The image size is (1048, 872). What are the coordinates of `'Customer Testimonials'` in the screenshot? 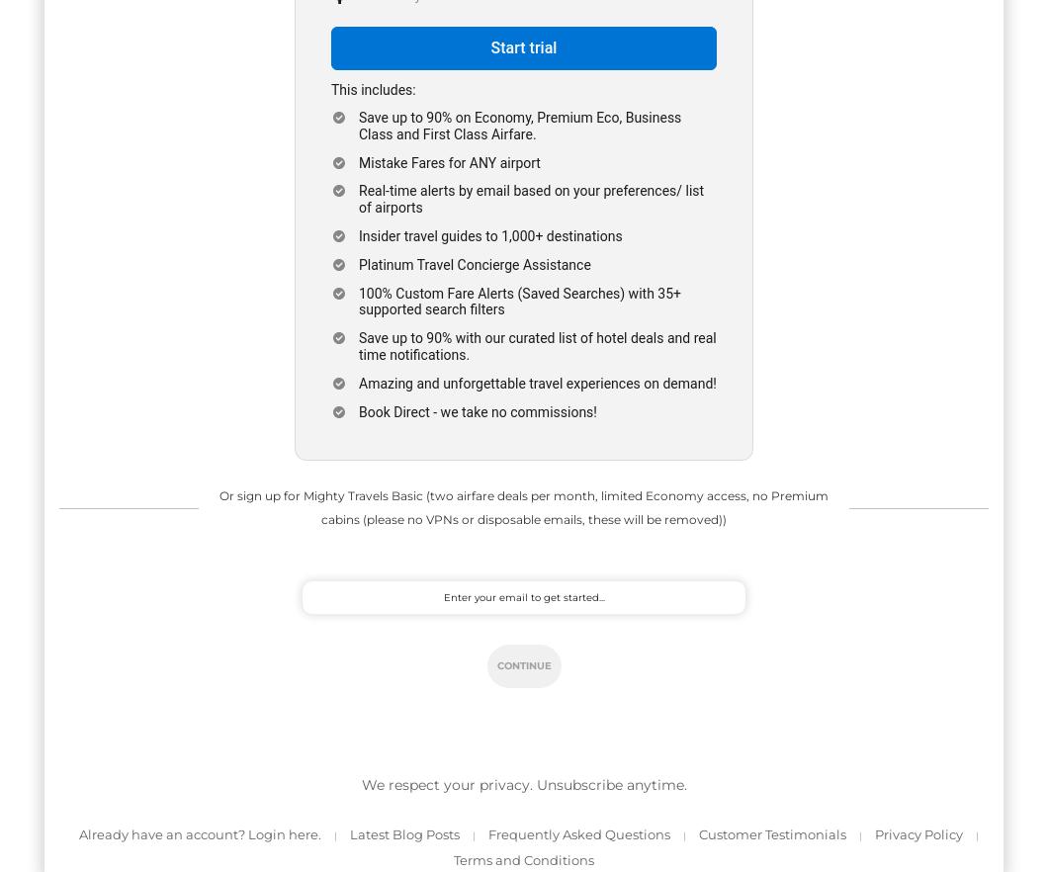 It's located at (771, 833).